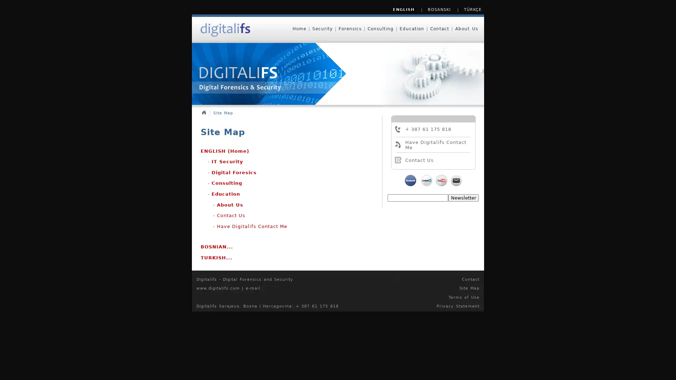 This screenshot has height=380, width=676. Describe the element at coordinates (463, 197) in the screenshot. I see `Newsletter` at that location.